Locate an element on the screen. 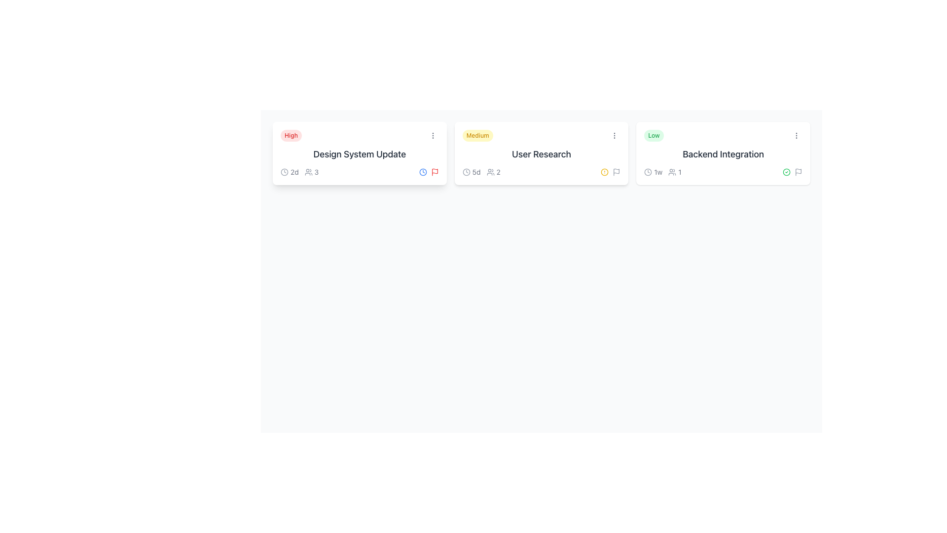 This screenshot has width=947, height=533. the static text label displaying 'User Research', which is styled in bold, dark gray font and positioned centrally beneath the 'Medium' tag is located at coordinates (541, 154).